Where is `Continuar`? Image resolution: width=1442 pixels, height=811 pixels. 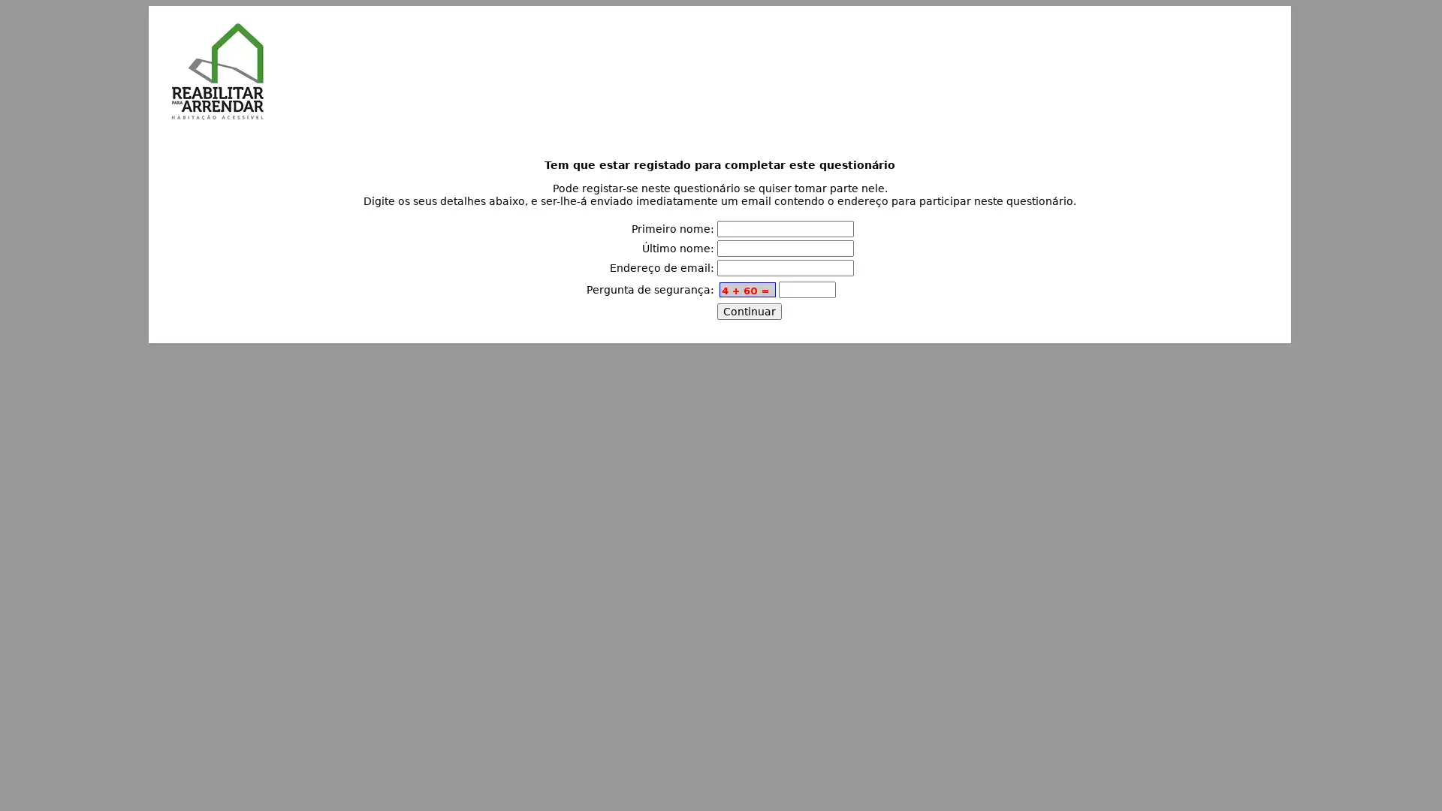 Continuar is located at coordinates (749, 311).